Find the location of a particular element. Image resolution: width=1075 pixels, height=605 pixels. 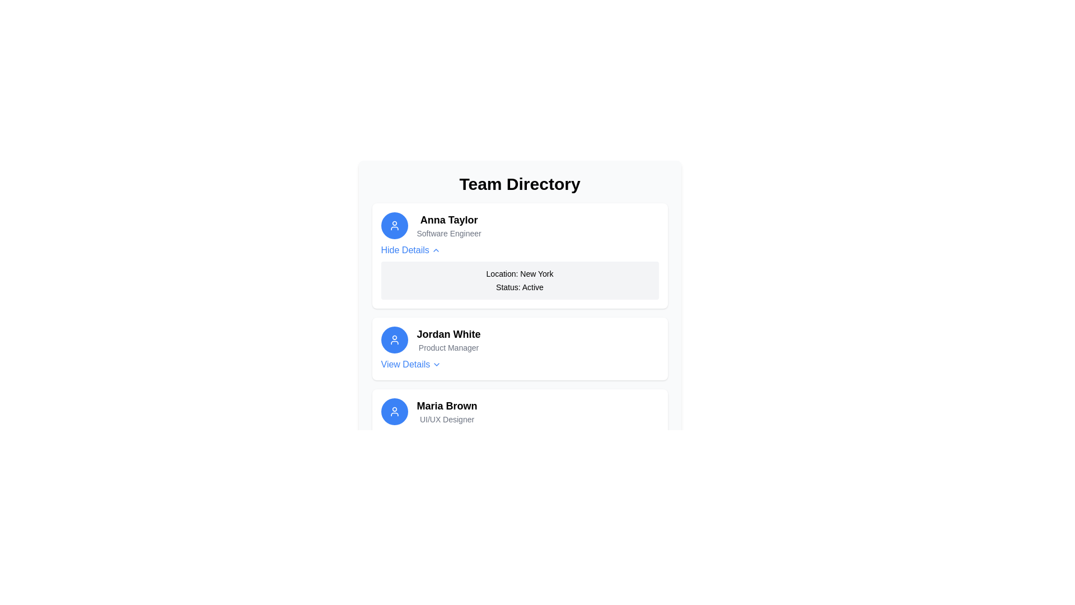

the Profile Card for 'Jordan White', which is the second card under the 'Team Directory', featuring a blue 'View Details' link at the bottom is located at coordinates (519, 348).